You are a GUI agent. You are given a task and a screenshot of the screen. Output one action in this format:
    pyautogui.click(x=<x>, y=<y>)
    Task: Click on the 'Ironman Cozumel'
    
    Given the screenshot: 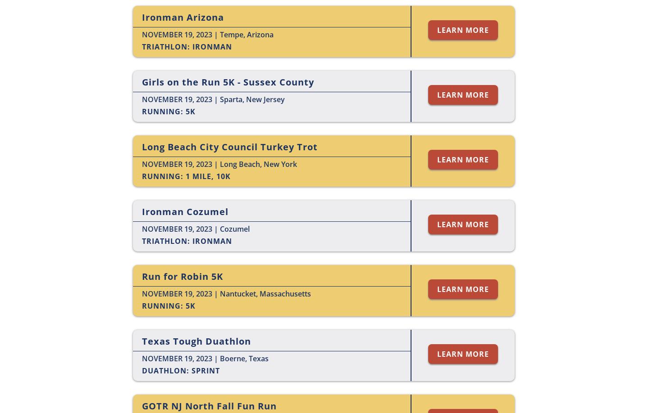 What is the action you would take?
    pyautogui.click(x=184, y=211)
    